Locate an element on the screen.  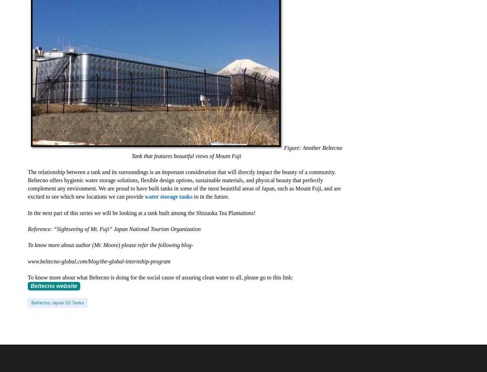
'To know more about author (Mr. Moore) please refer the following blog-' is located at coordinates (110, 245).